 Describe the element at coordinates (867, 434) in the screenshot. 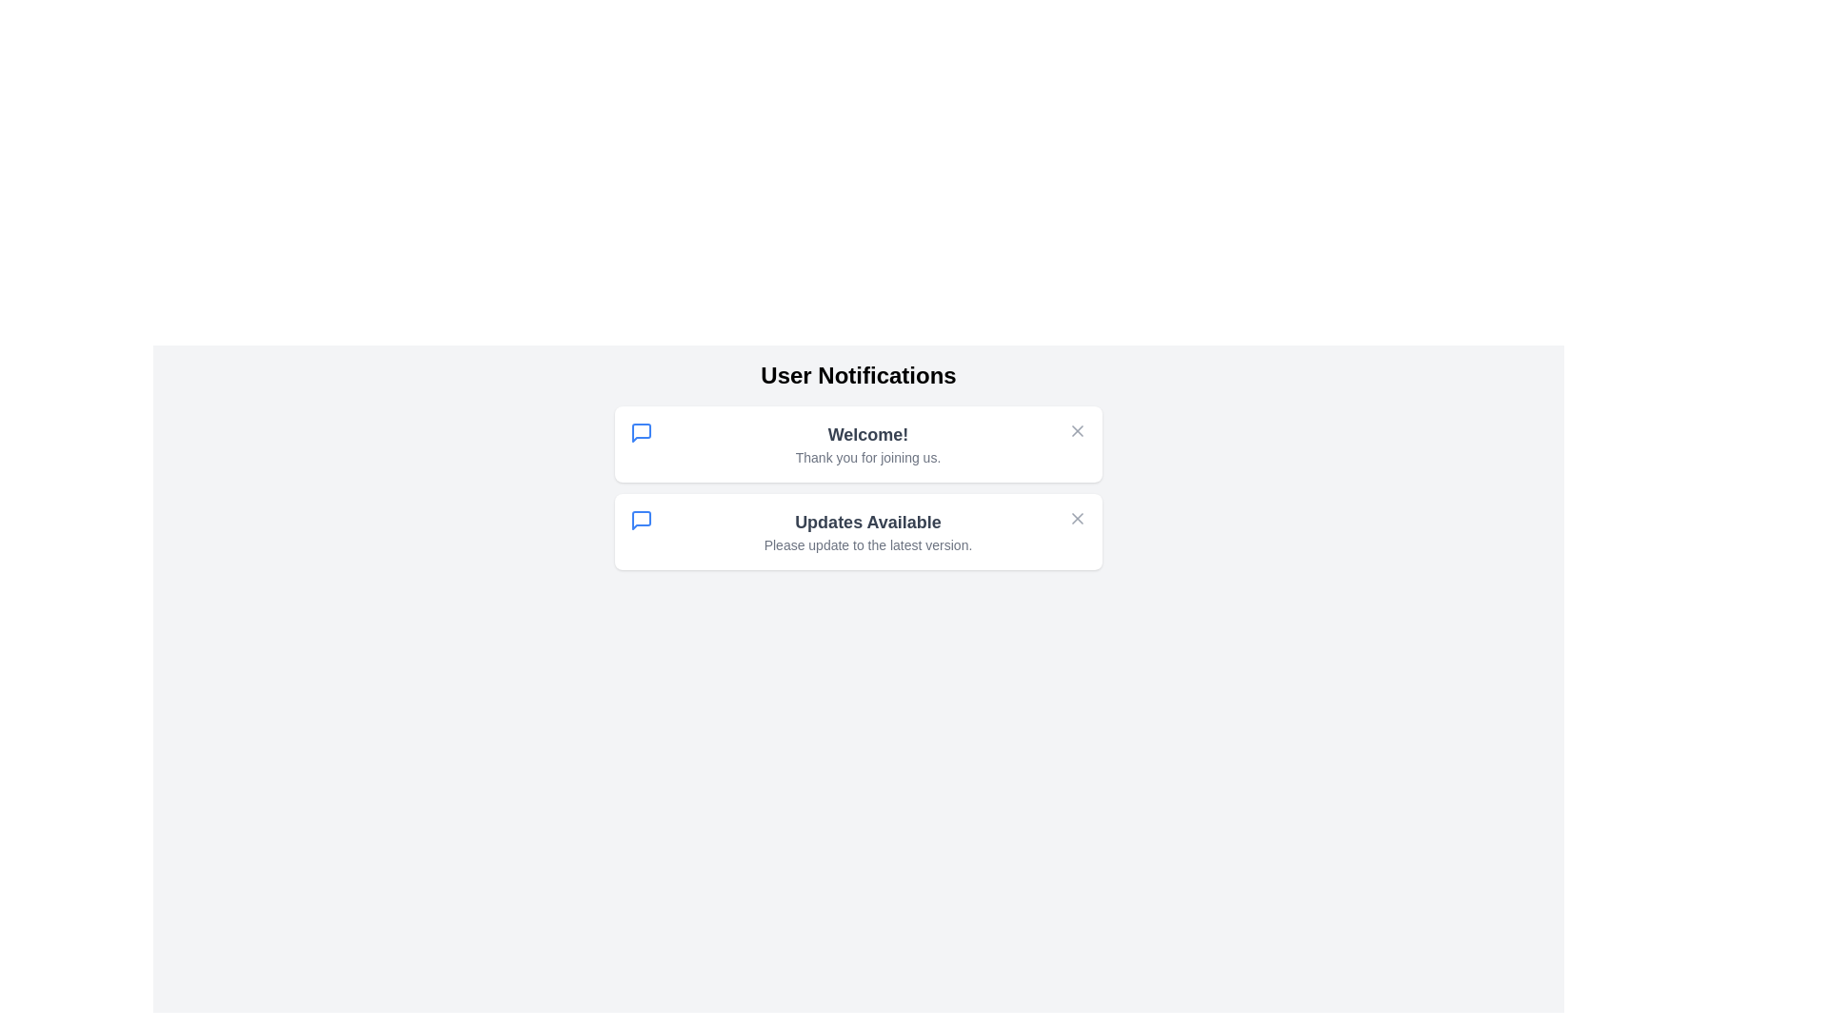

I see `text contents of the Text Label that serves as a greeting in the notification card under the 'User Notifications' section` at that location.